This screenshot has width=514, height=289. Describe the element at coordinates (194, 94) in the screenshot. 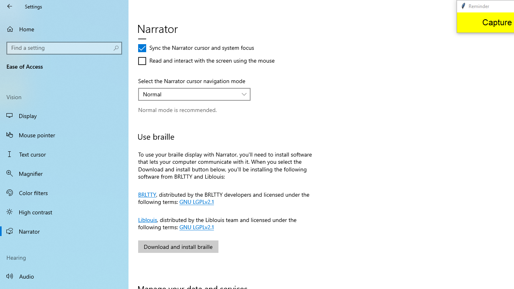

I see `'Select the Narrator cursor navigation mode'` at that location.